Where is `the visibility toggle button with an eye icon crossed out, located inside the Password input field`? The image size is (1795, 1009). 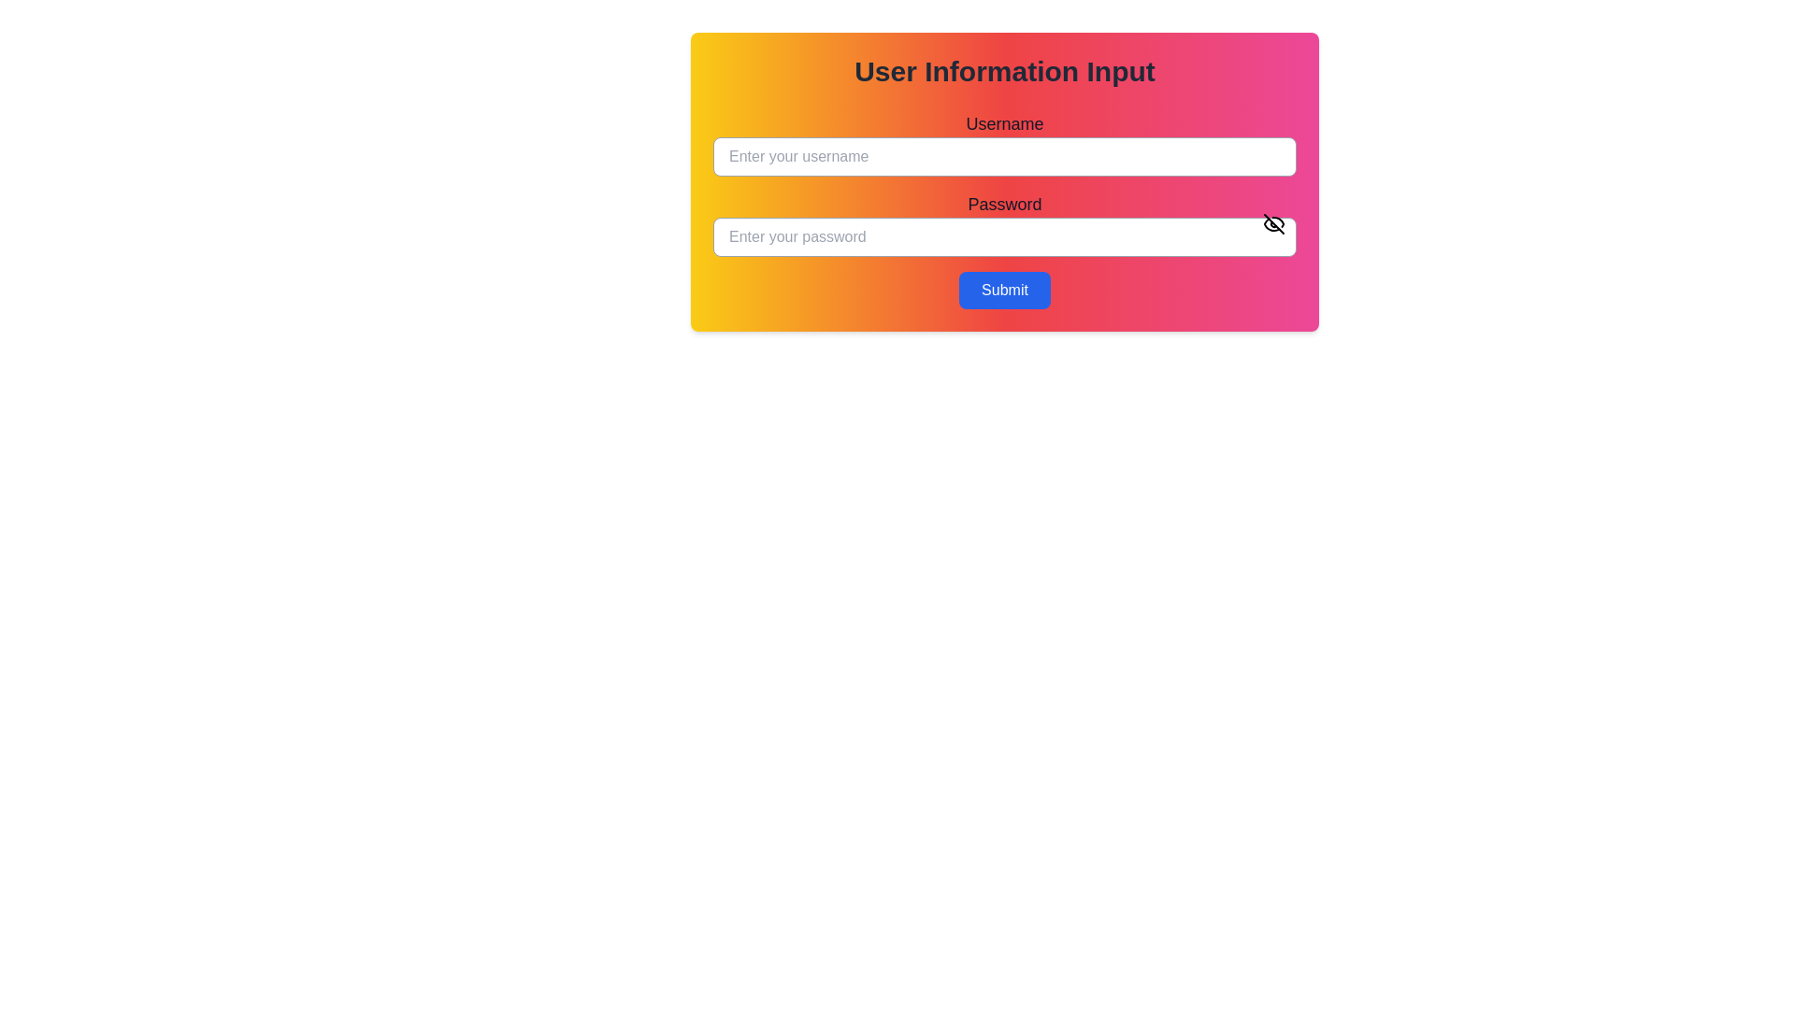 the visibility toggle button with an eye icon crossed out, located inside the Password input field is located at coordinates (1273, 222).